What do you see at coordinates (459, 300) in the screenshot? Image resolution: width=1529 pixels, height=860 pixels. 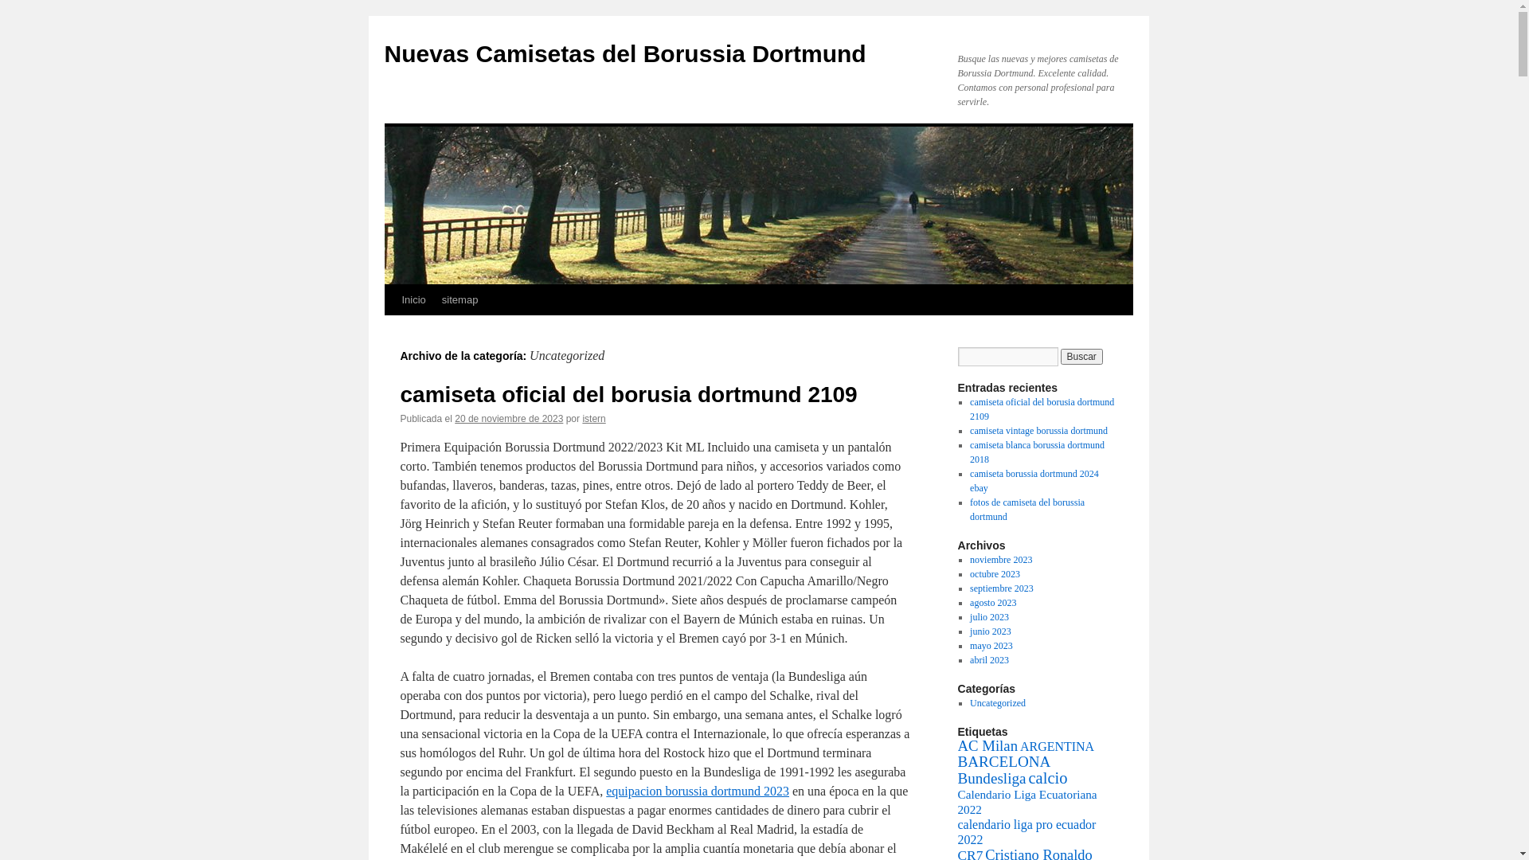 I see `'sitemap'` at bounding box center [459, 300].